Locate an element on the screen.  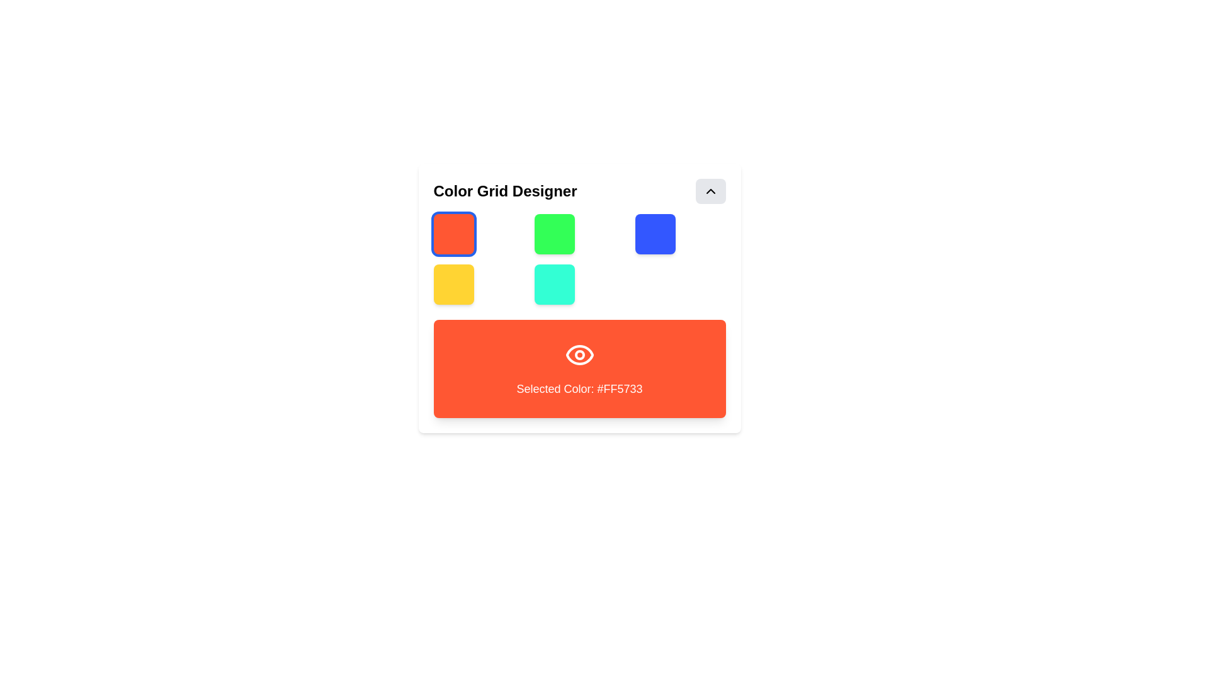
the fourth square in a 3x2 grid, which is a bright yellow selectable color tile with rounded corners is located at coordinates (453, 284).